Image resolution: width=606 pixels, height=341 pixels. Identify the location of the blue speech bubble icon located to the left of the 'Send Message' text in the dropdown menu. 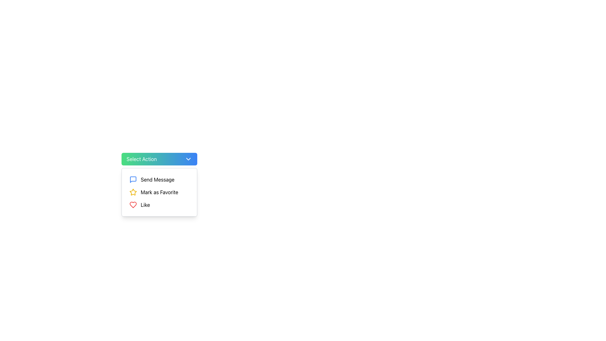
(133, 180).